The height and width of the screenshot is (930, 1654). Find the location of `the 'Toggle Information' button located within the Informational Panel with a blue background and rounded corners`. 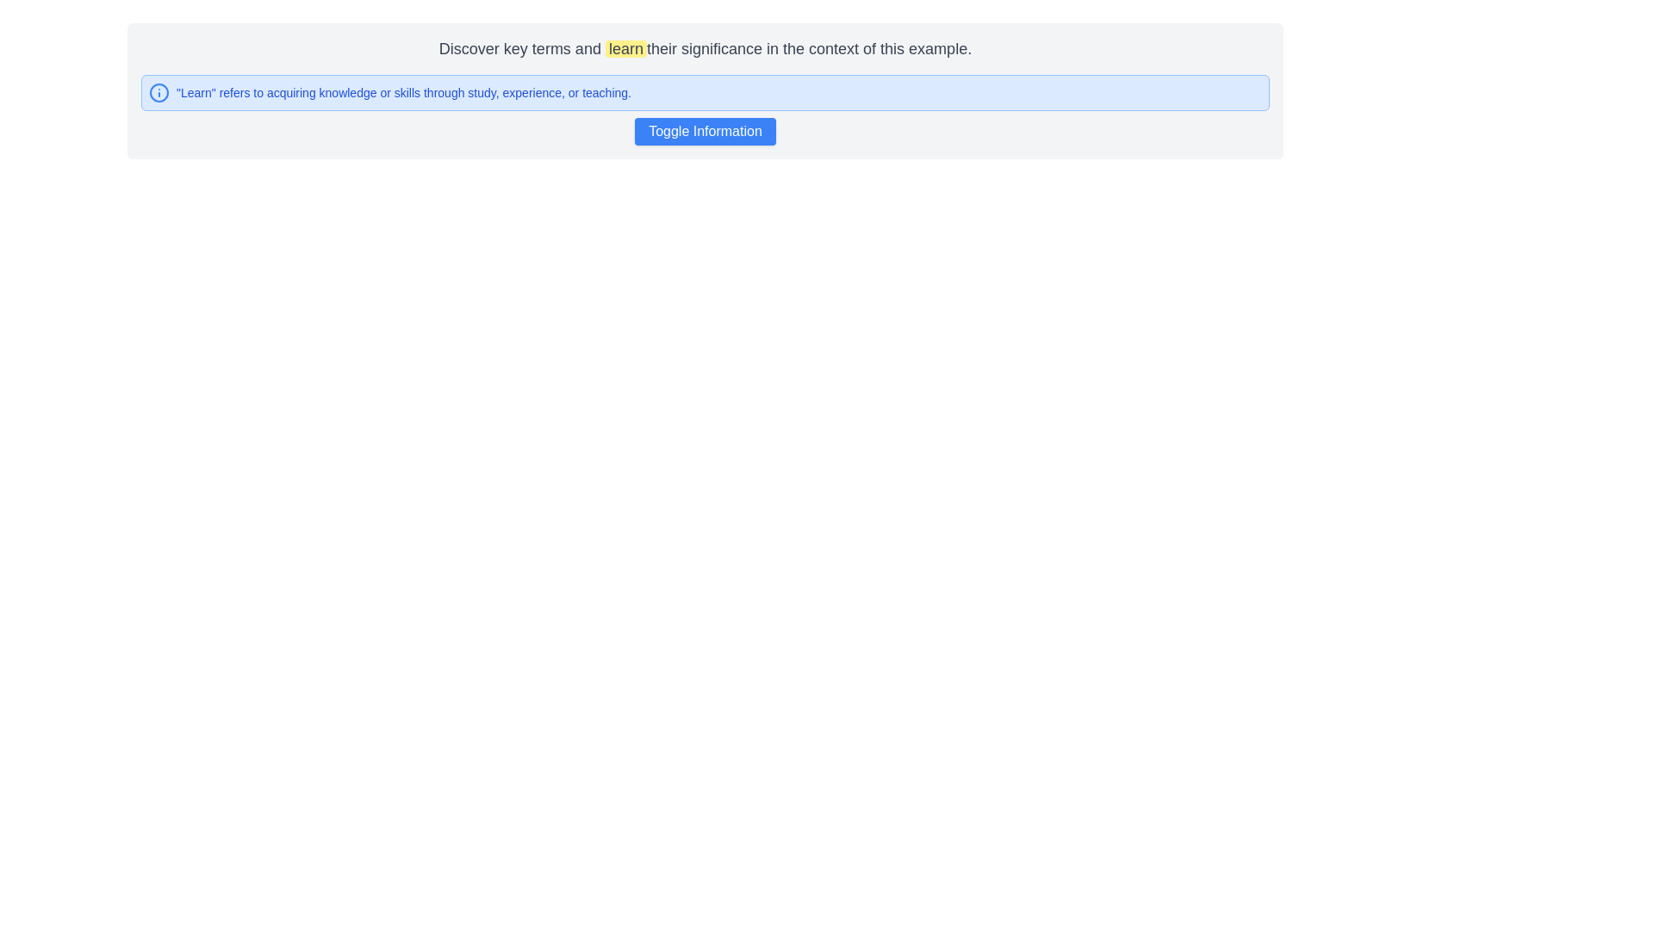

the 'Toggle Information' button located within the Informational Panel with a blue background and rounded corners is located at coordinates (706, 109).